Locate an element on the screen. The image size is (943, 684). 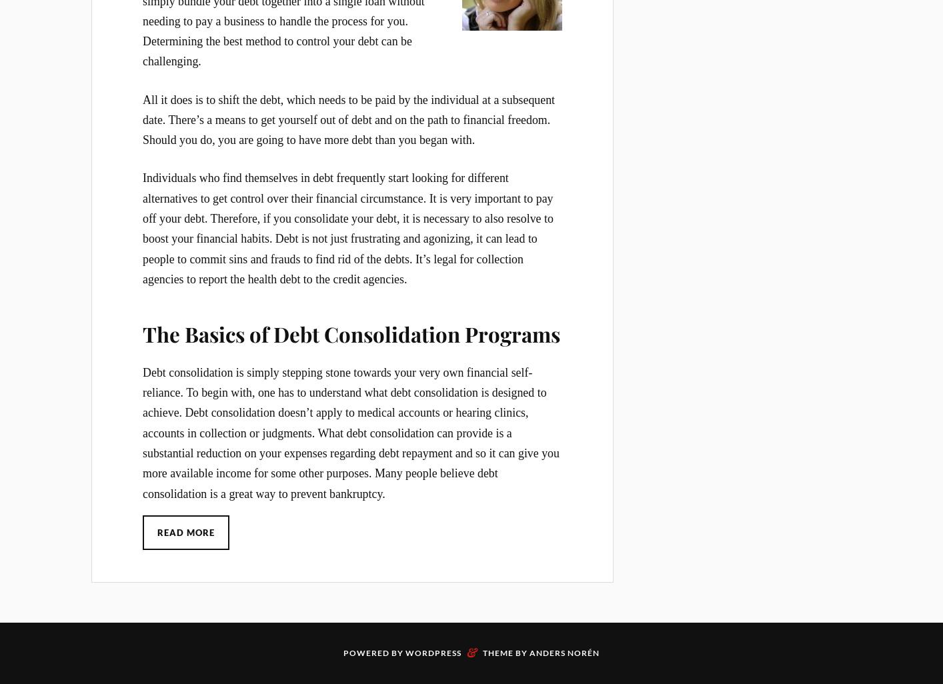
'Read More' is located at coordinates (185, 531).